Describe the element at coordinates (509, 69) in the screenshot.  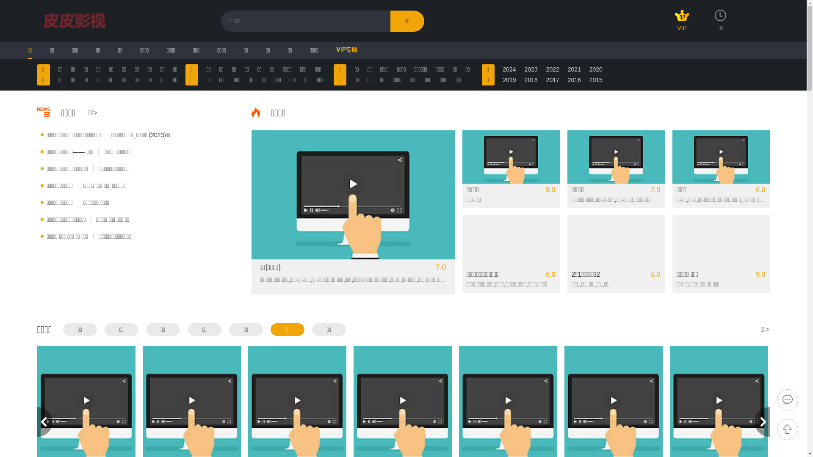
I see `'2024'` at that location.